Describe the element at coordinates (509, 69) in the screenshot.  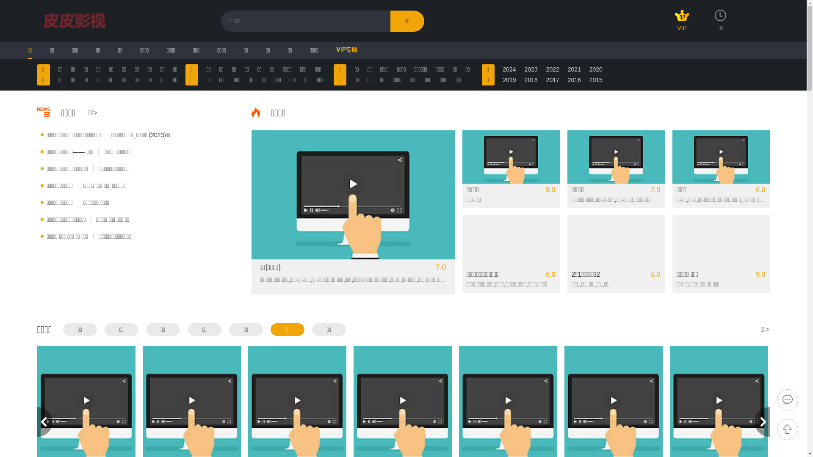
I see `'2024'` at that location.